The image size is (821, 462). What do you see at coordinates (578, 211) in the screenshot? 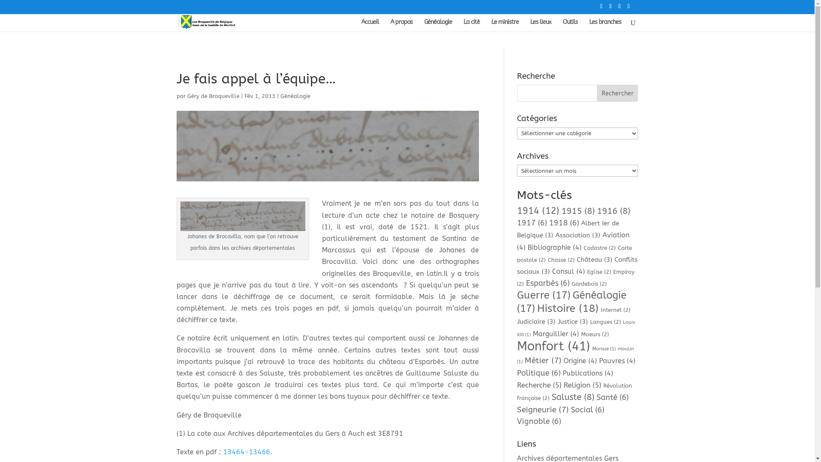
I see `'1915 (8)'` at bounding box center [578, 211].